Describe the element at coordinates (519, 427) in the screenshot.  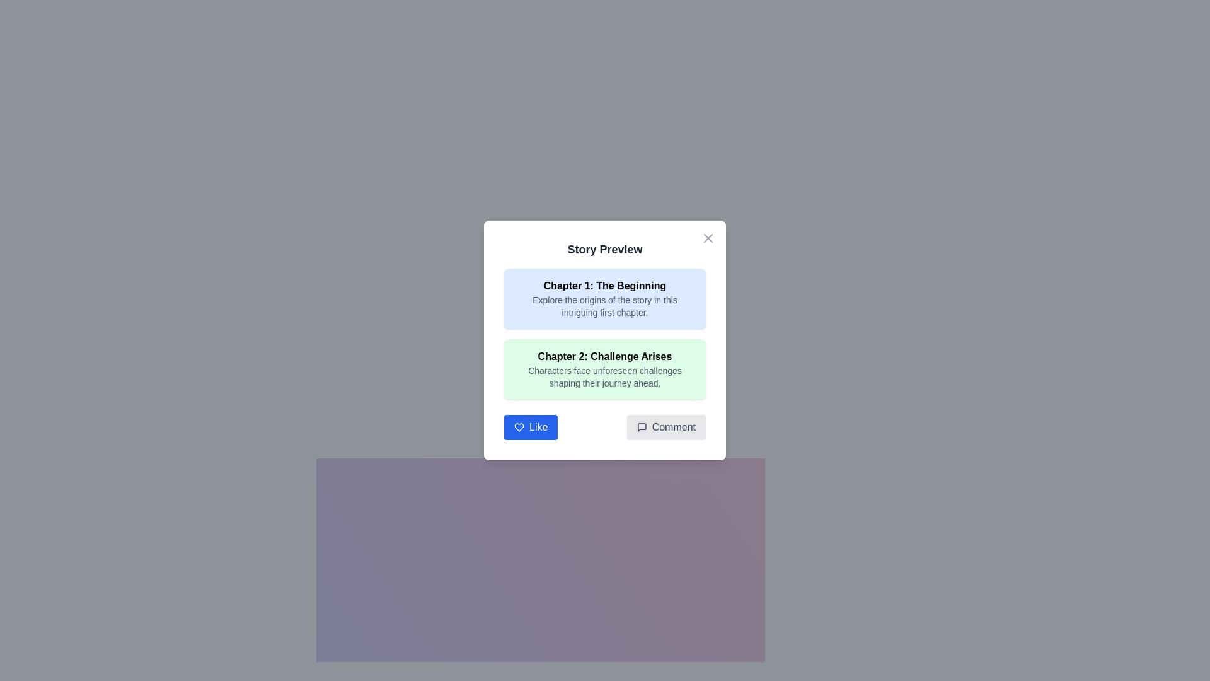
I see `the 'Like' icon within the button that is located to the left of the text 'Like' in the lower-left portion of the pop-up modal` at that location.